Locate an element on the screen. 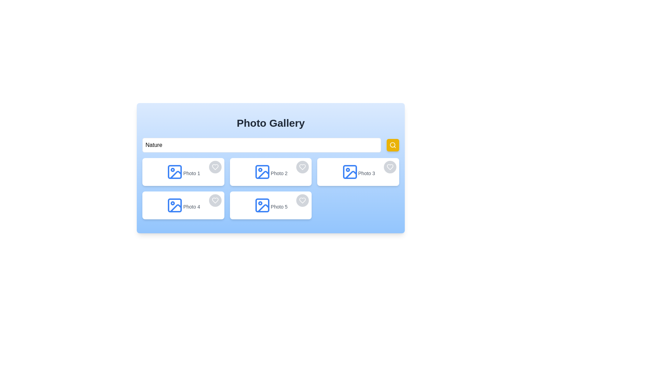  the heart icon with a white fill and gray border located adjacent to 'Photo 4' in the second row and first column of the photo gallery application is located at coordinates (215, 200).